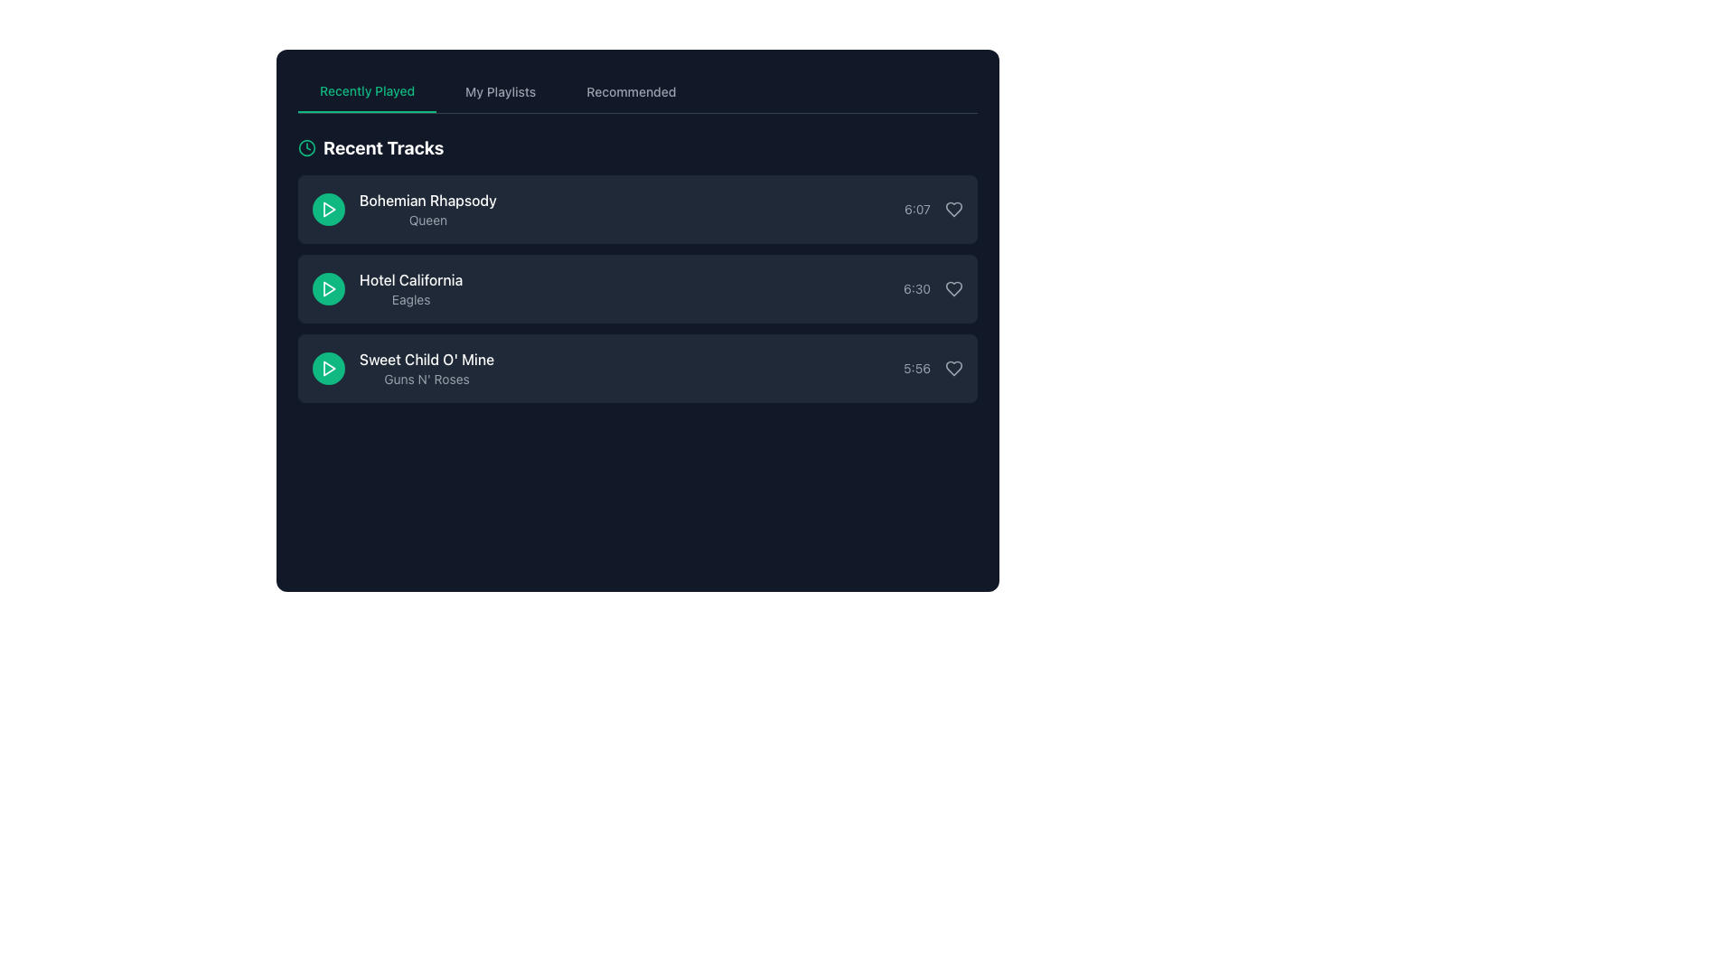  What do you see at coordinates (427, 219) in the screenshot?
I see `the label displaying the word 'Queen', which is styled in gray and positioned directly below the bold text 'Bohemian Rhapsody' in the 'Recent Tracks' section` at bounding box center [427, 219].